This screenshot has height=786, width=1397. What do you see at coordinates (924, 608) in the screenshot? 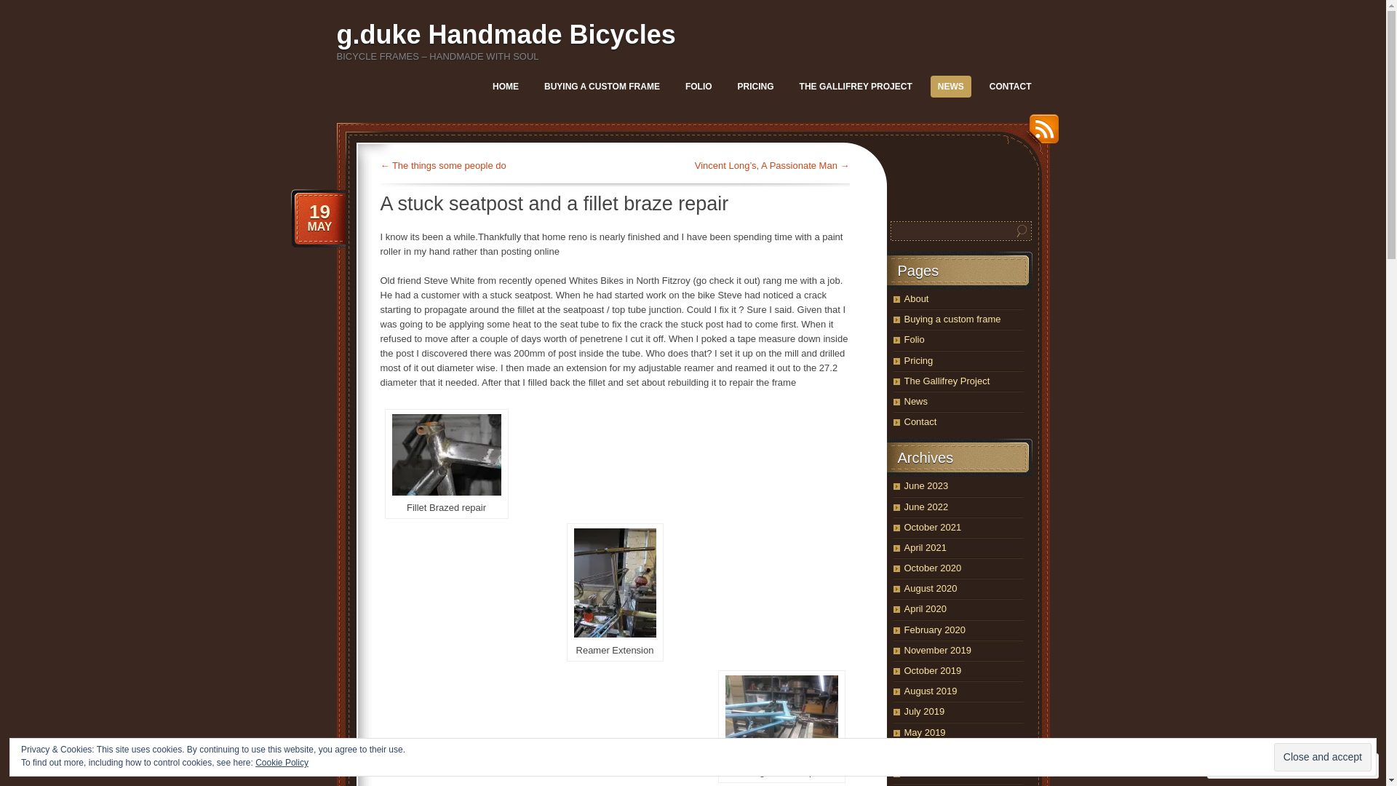
I see `'April 2020'` at bounding box center [924, 608].